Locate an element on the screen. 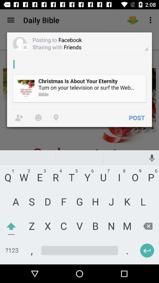  the menu icon is located at coordinates (11, 20).